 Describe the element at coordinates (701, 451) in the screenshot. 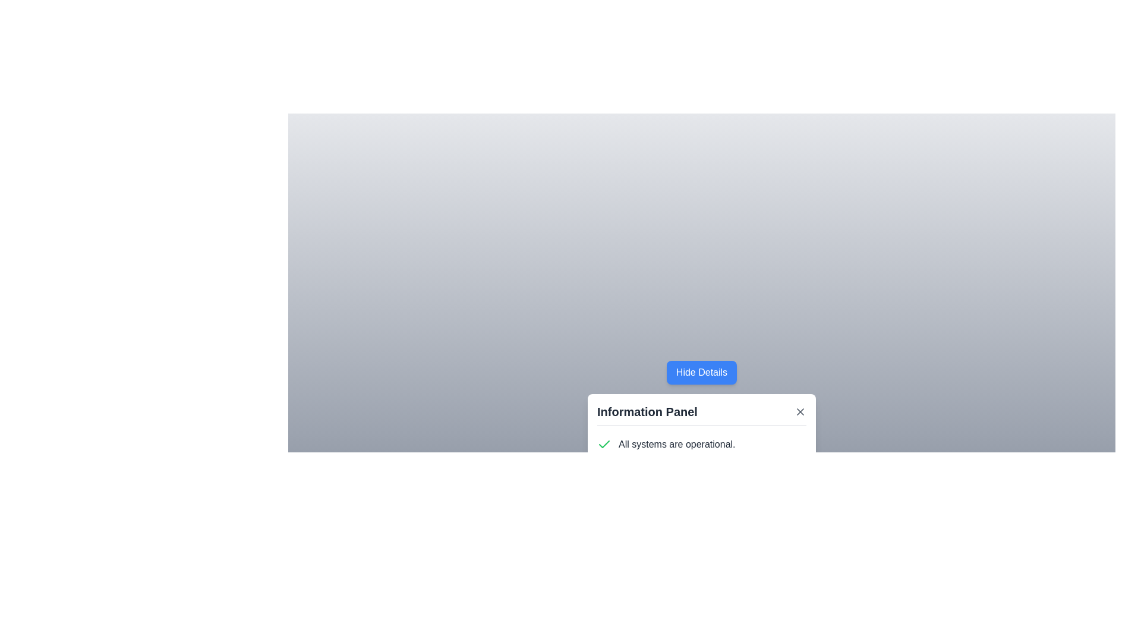

I see `information displayed in the informational panel located below the 'Hide Details' button` at that location.